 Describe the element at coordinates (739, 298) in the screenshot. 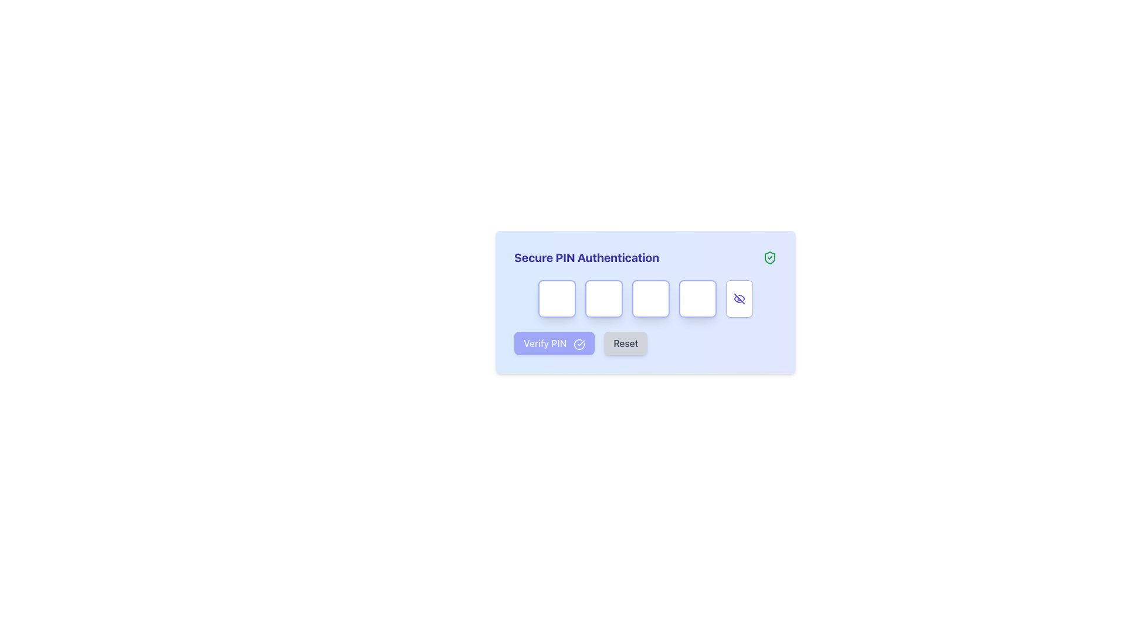

I see `the visibility toggle button, which is a small square button with rounded corners and an eye icon with a strikethrough line, located at the far right of the PIN input boxes` at that location.